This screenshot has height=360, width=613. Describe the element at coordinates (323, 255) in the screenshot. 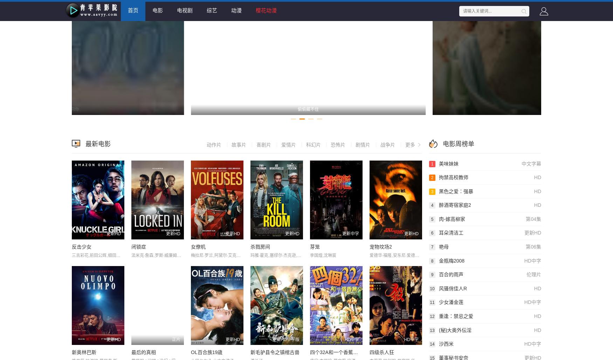

I see `'李国煌,沈琳宸'` at that location.